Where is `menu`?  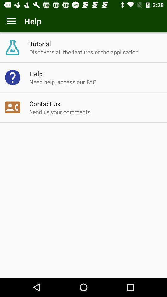 menu is located at coordinates (11, 21).